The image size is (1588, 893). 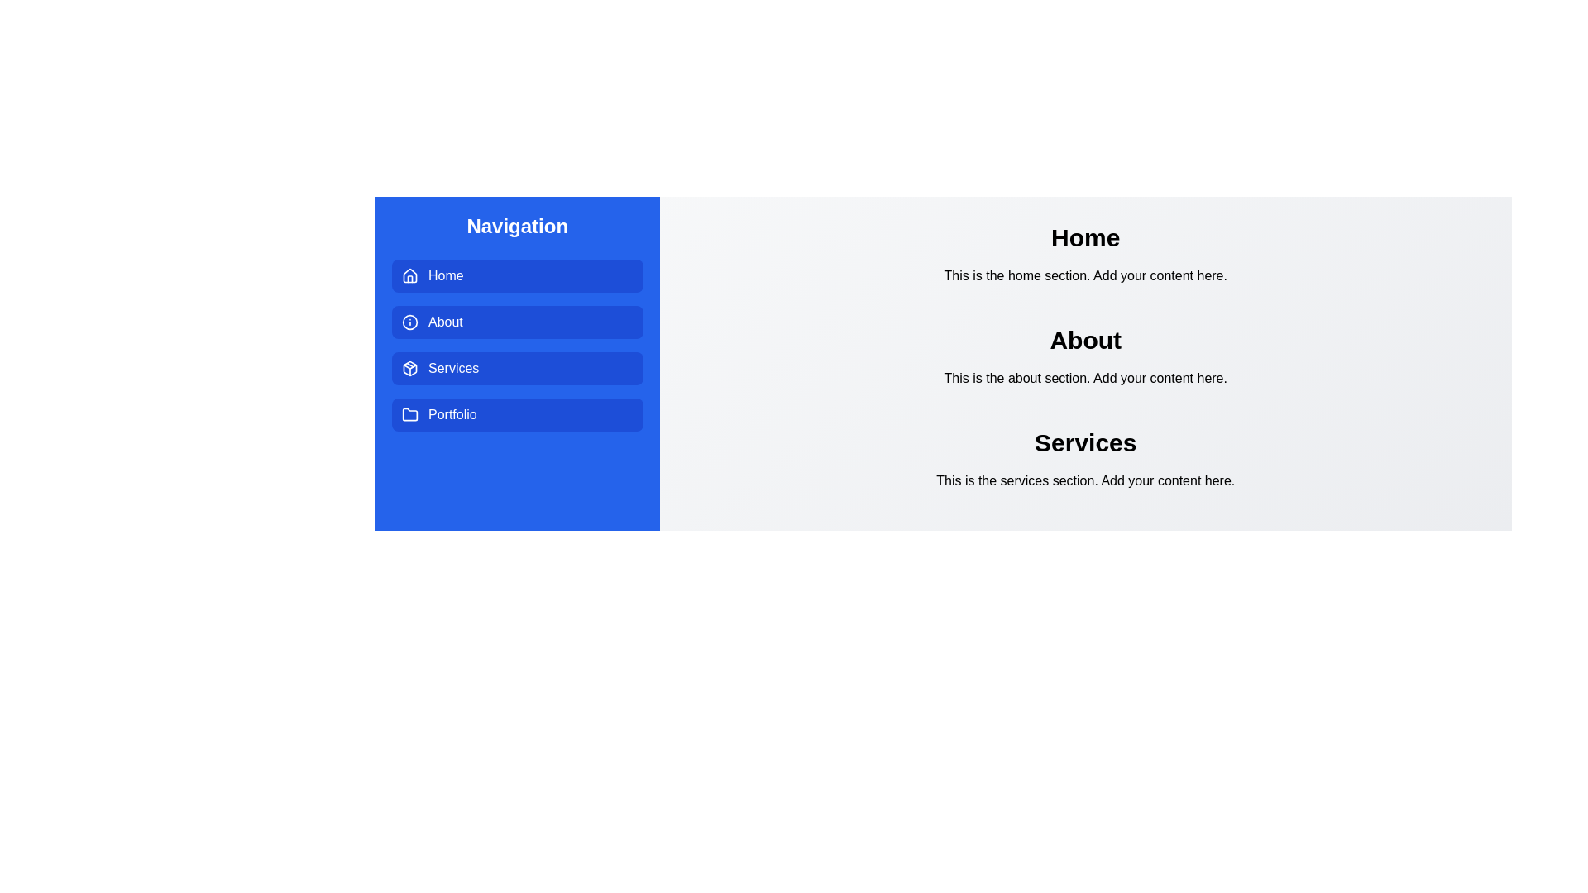 What do you see at coordinates (409, 413) in the screenshot?
I see `the 'Portfolio' icon in the navigation menu on the left blue banner` at bounding box center [409, 413].